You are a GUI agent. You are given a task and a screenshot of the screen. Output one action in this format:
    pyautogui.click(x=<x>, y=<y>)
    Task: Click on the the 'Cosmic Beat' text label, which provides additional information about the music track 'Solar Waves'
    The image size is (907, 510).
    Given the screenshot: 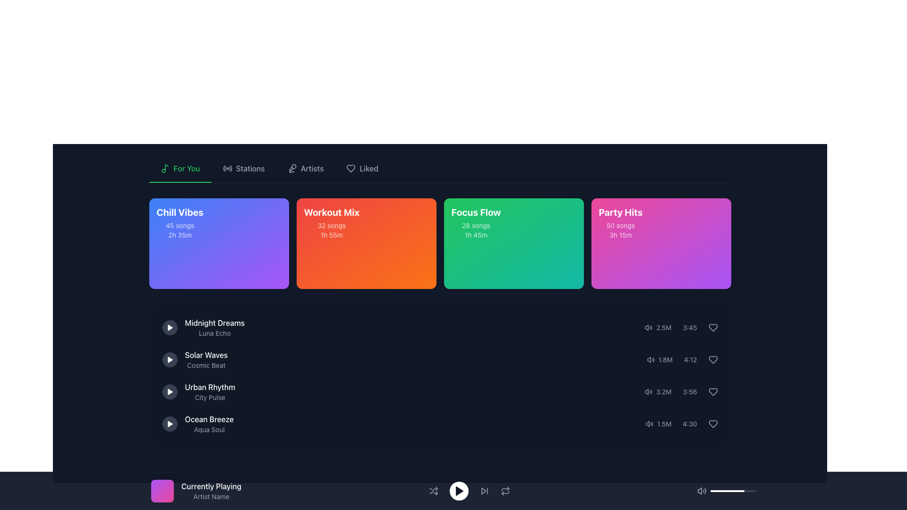 What is the action you would take?
    pyautogui.click(x=205, y=365)
    